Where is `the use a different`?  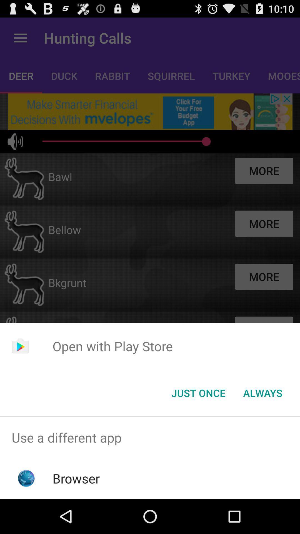
the use a different is located at coordinates (150, 437).